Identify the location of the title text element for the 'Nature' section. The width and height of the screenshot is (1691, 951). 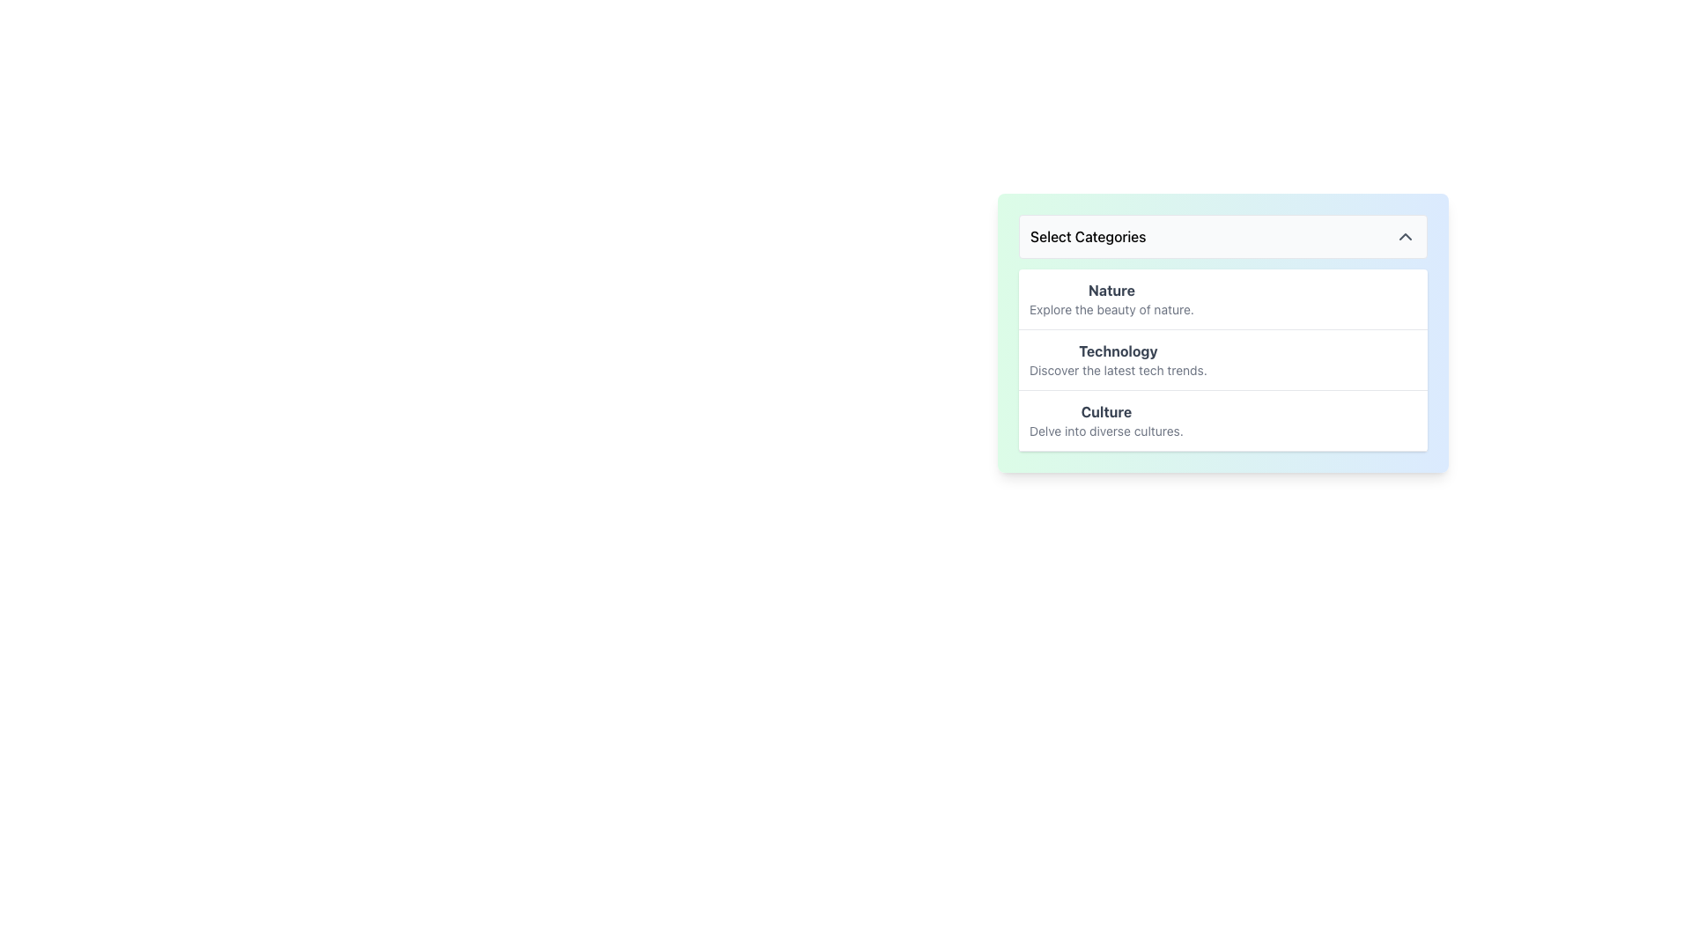
(1111, 290).